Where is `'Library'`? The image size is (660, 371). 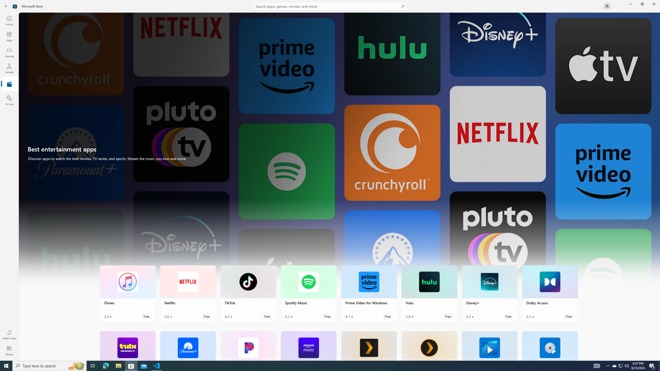 'Library' is located at coordinates (9, 350).